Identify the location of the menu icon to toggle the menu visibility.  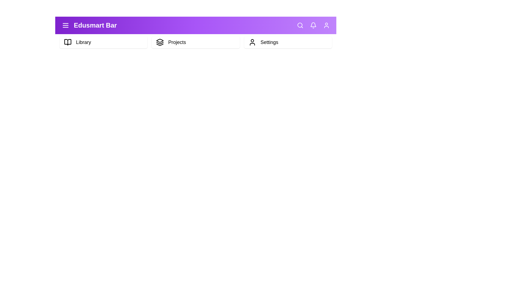
(66, 25).